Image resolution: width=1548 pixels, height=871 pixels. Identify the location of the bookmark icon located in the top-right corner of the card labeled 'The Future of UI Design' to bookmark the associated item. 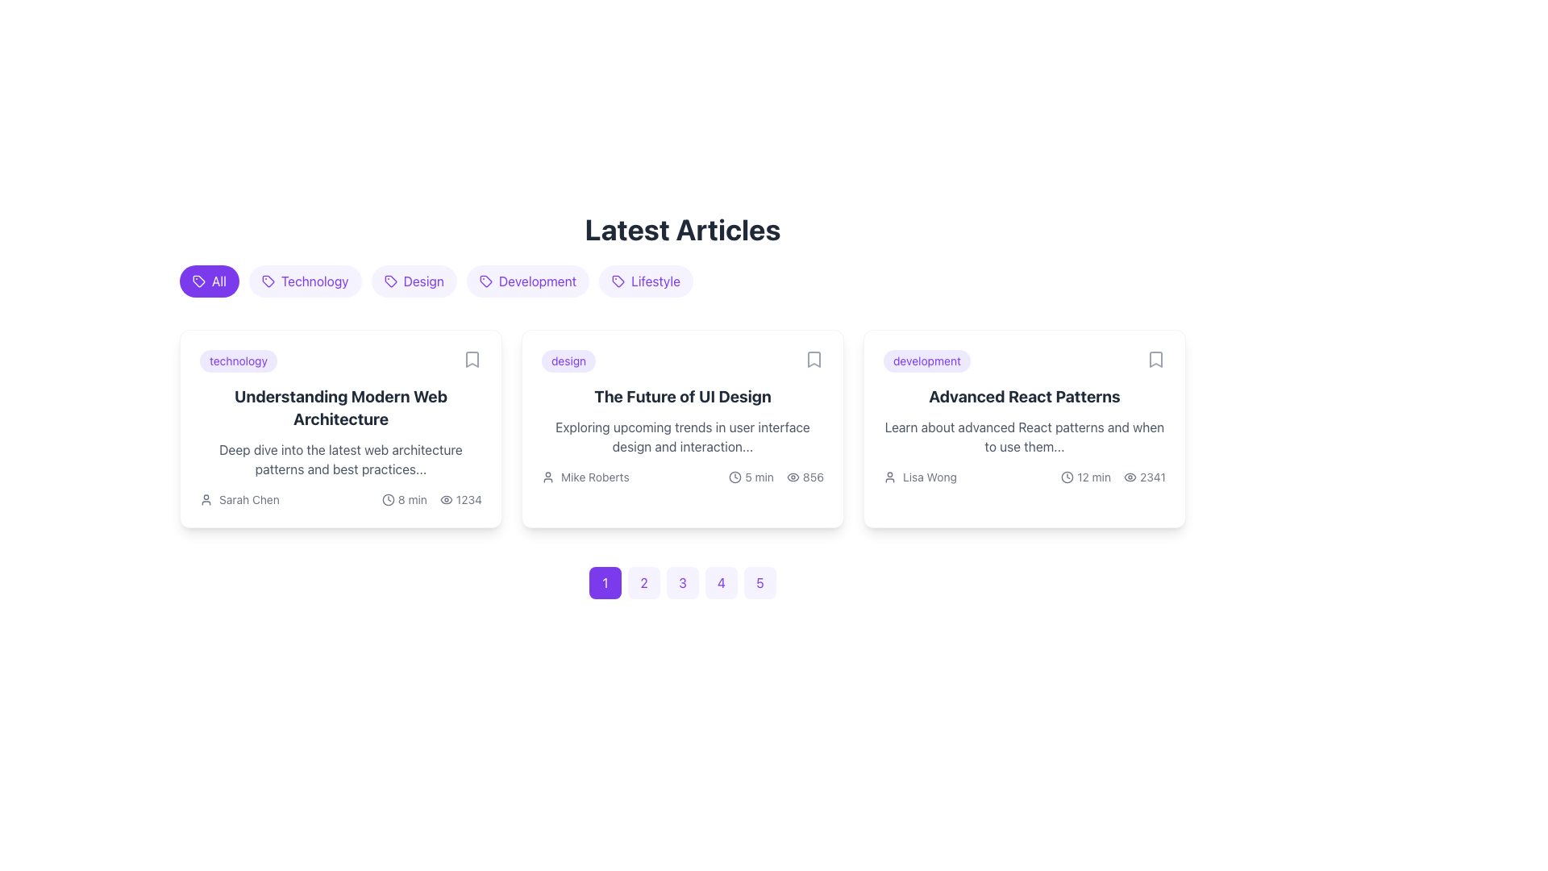
(814, 359).